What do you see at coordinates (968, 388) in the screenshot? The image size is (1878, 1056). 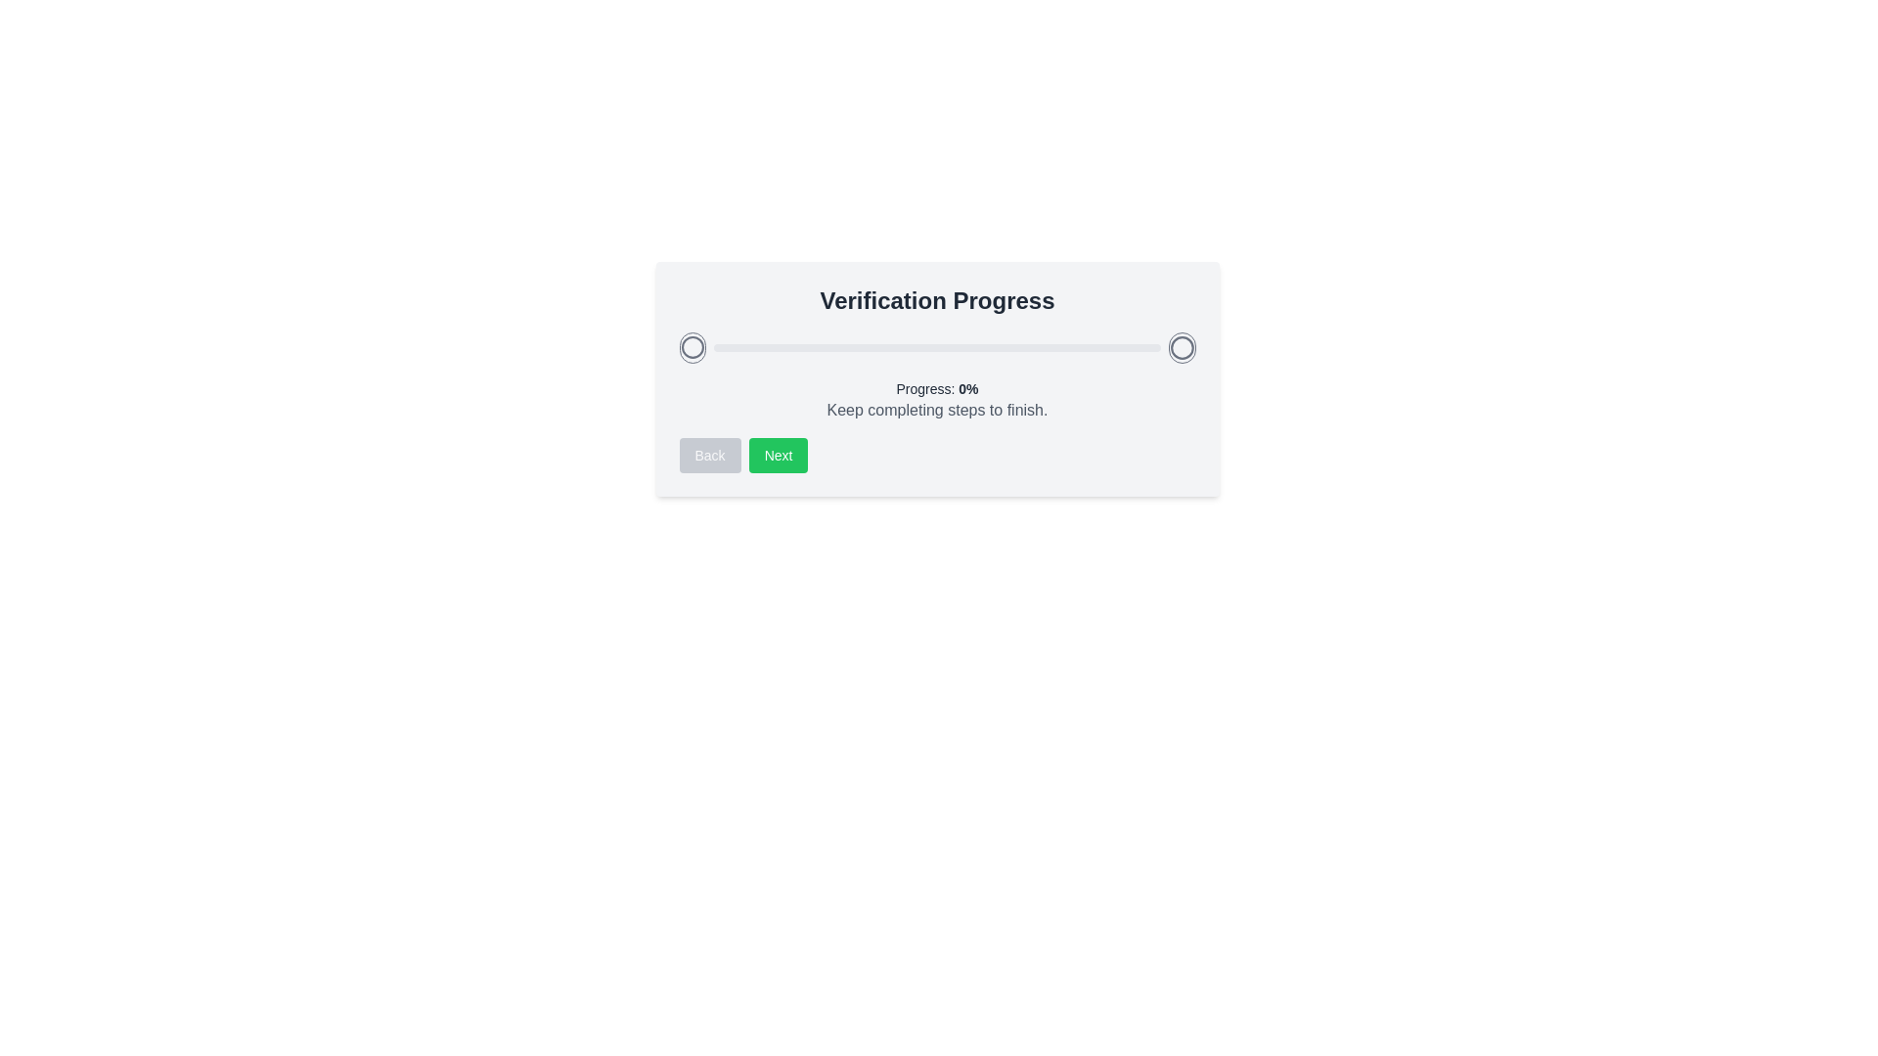 I see `the Static text label that shows the progress percentage, which is currently at 0%, located to the right of the text 'Progress:' in the progress card interface` at bounding box center [968, 388].